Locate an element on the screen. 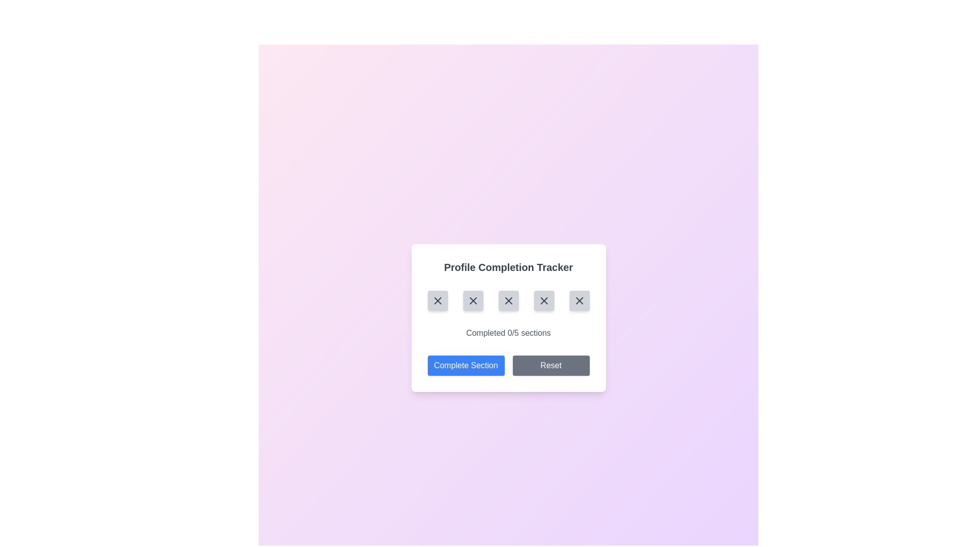 This screenshot has height=547, width=972. the SVG icon styled as a cross symbol, which is located within the fourth button of a group of five buttons under the 'Profile Completion Tracker' header is located at coordinates (543, 300).